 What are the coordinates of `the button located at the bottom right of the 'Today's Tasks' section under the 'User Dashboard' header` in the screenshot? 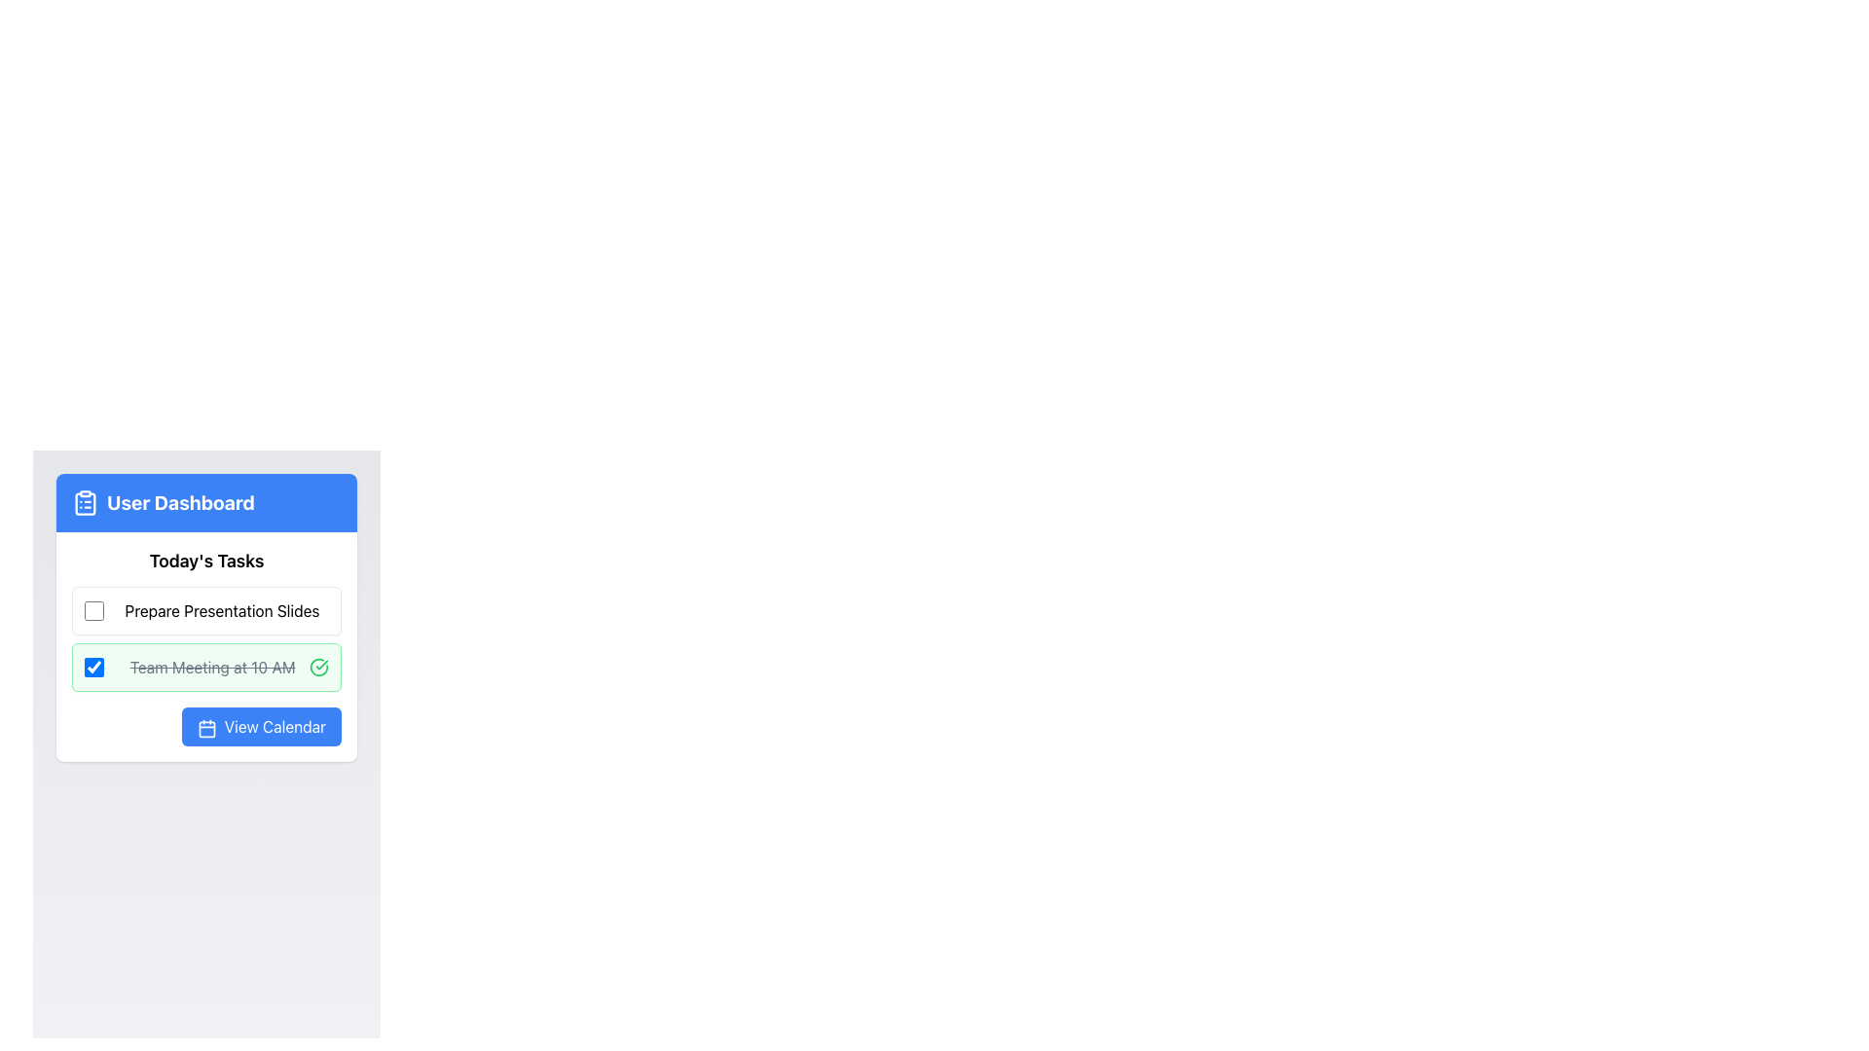 It's located at (260, 727).